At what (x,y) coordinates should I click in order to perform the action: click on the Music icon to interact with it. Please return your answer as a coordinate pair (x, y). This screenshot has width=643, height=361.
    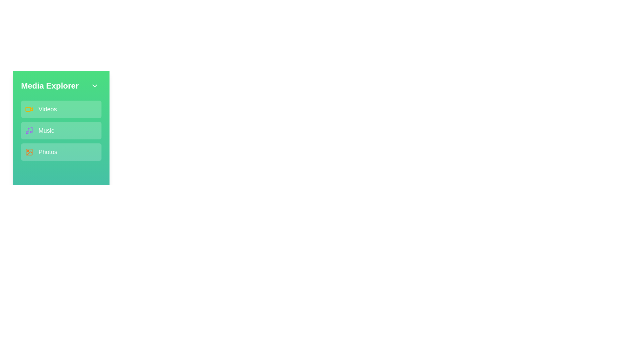
    Looking at the image, I should click on (28, 130).